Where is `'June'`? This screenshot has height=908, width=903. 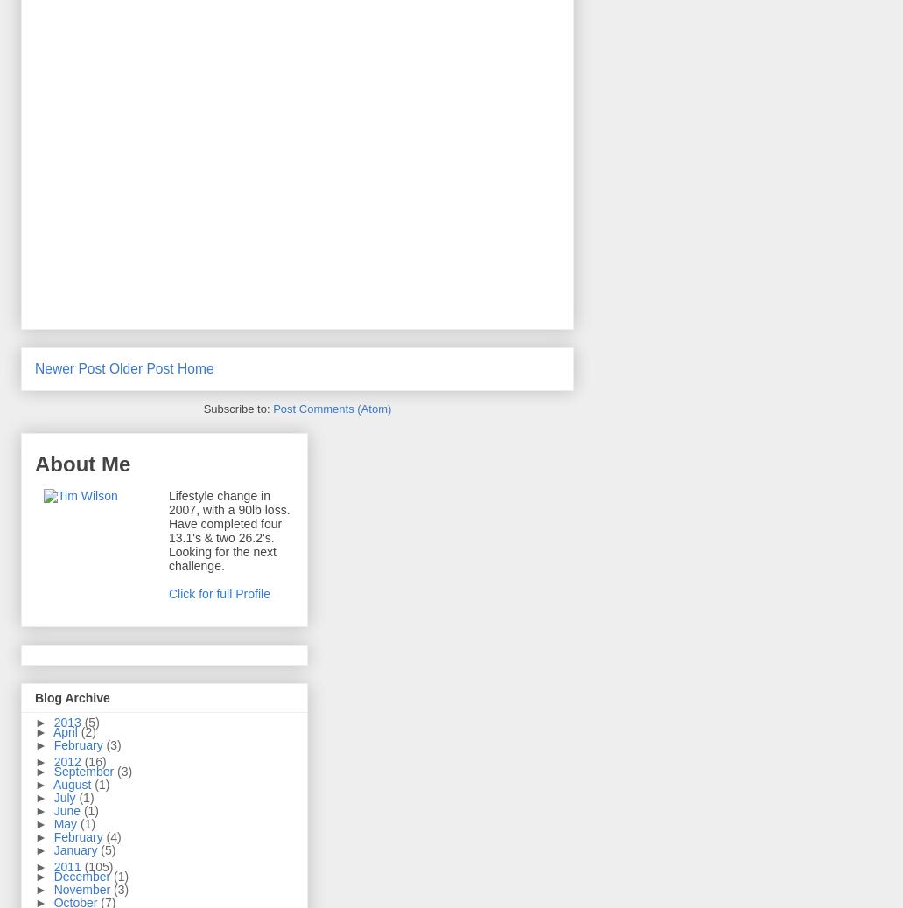
'June' is located at coordinates (68, 811).